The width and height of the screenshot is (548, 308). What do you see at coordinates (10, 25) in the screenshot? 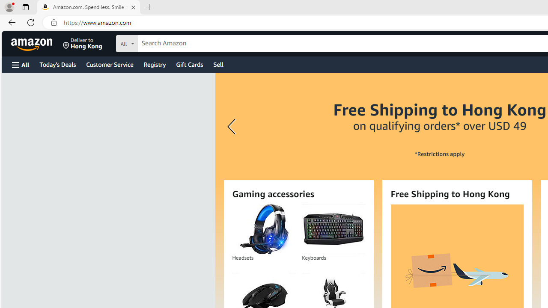
I see `'Explorer (Ctrl+Shift+E)'` at bounding box center [10, 25].